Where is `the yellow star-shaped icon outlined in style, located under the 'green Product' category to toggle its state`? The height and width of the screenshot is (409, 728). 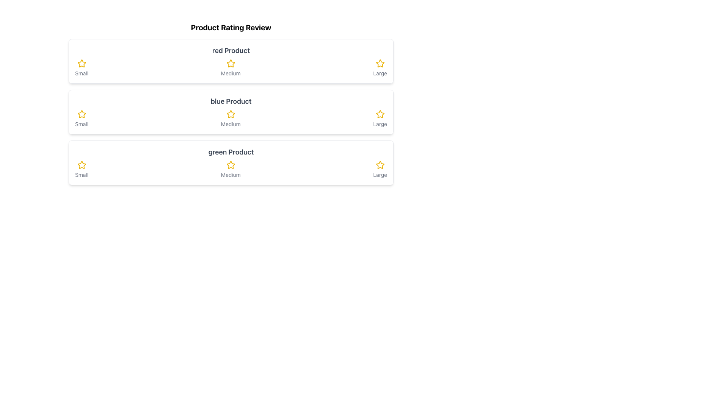 the yellow star-shaped icon outlined in style, located under the 'green Product' category to toggle its state is located at coordinates (82, 164).